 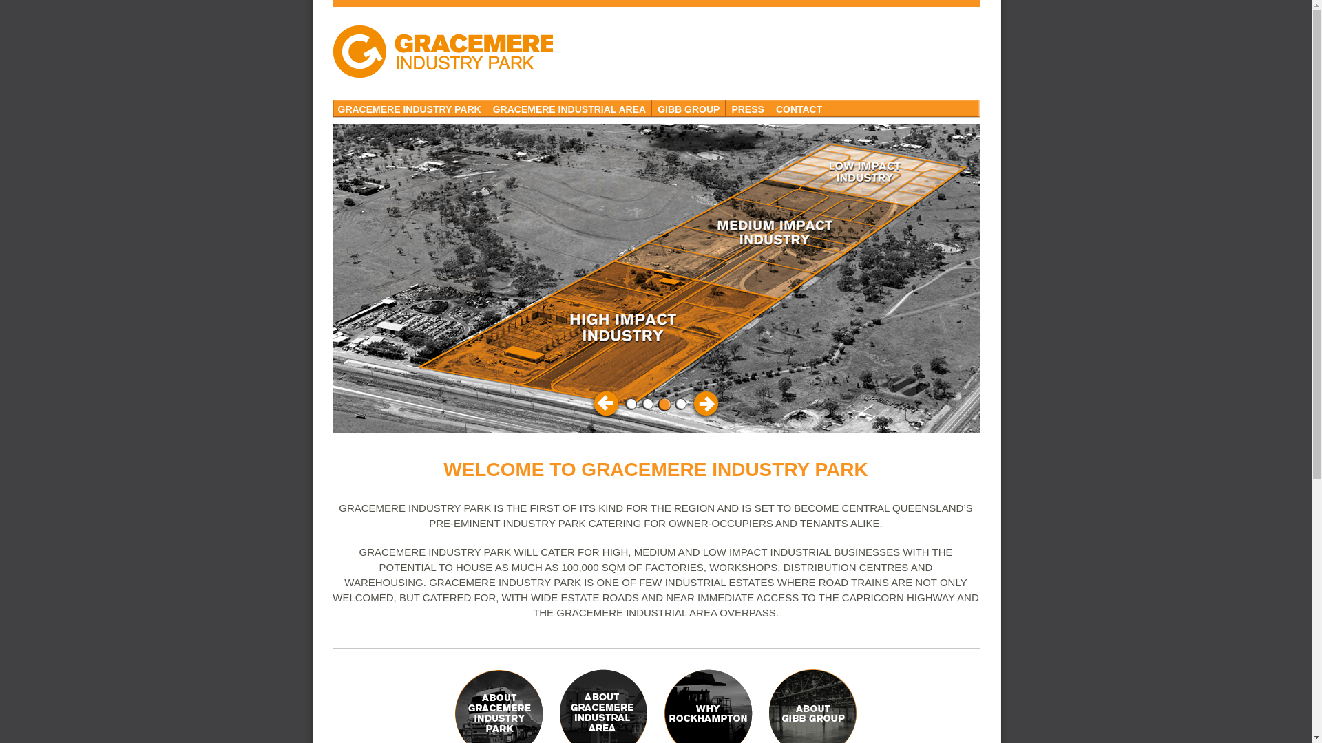 I want to click on 'CONTACT', so click(x=799, y=107).